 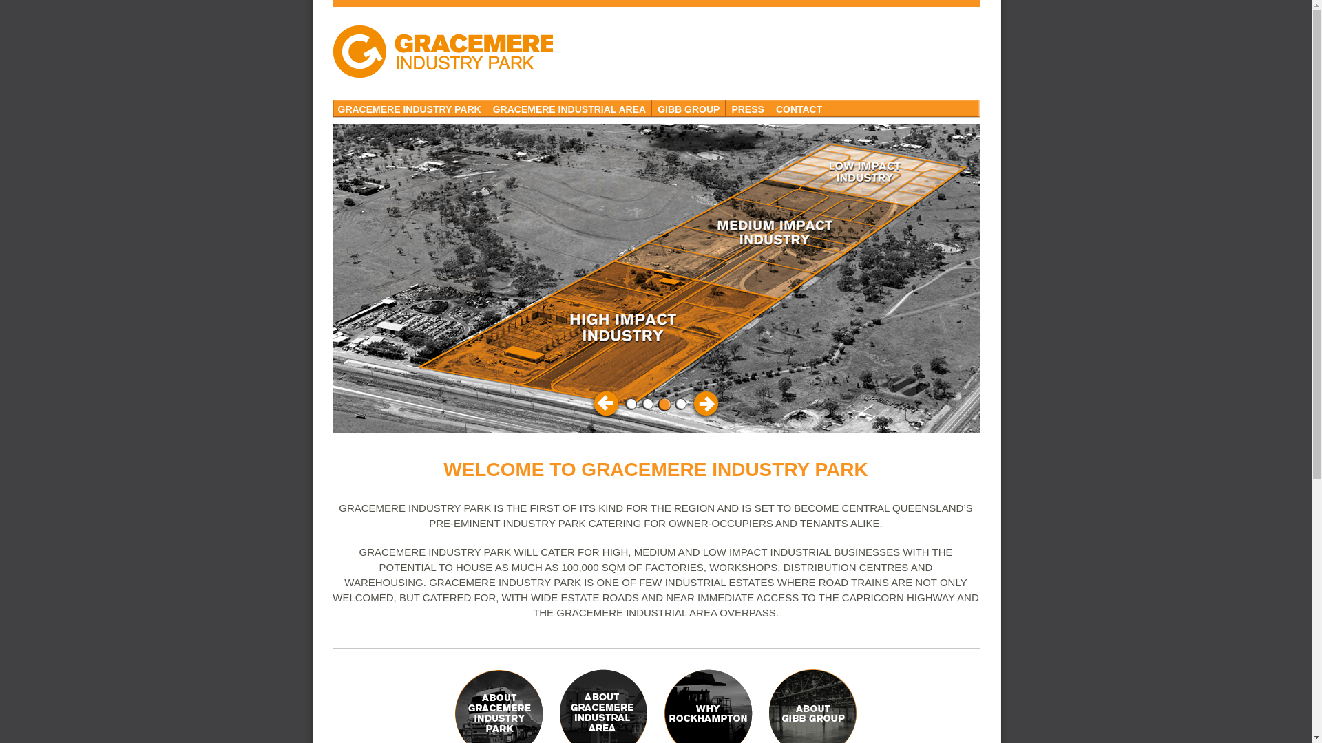 I want to click on 'CONTACT', so click(x=799, y=107).